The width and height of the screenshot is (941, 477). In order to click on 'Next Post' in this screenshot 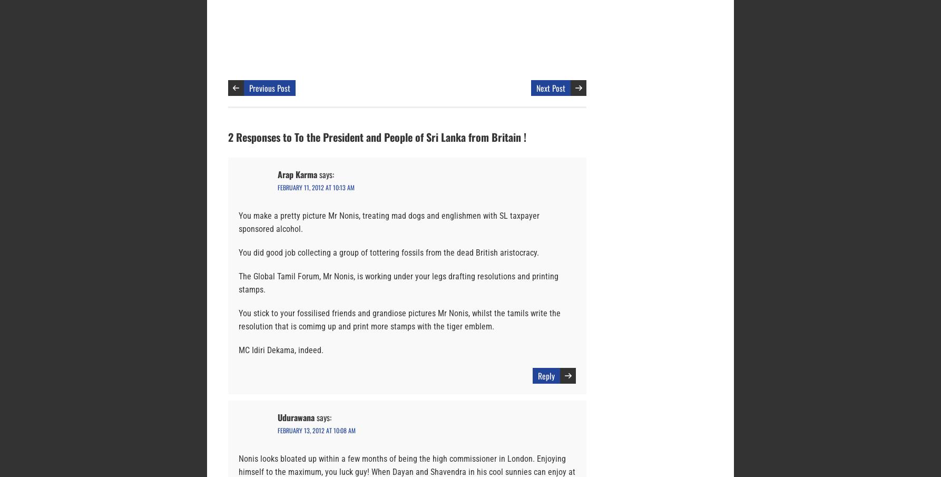, I will do `click(536, 87)`.